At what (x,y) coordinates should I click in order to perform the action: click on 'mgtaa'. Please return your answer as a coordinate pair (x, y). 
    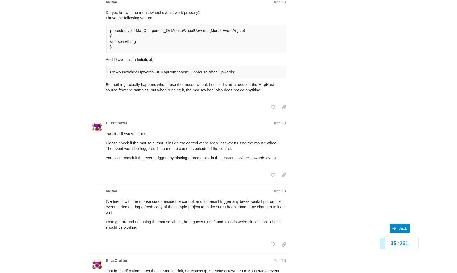
    Looking at the image, I should click on (105, 170).